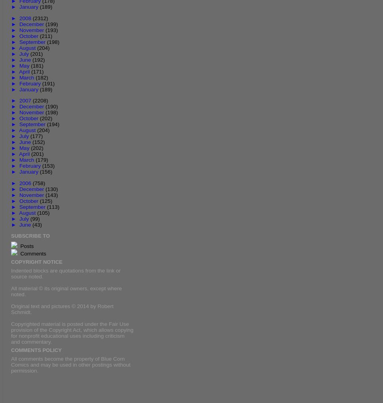 The height and width of the screenshot is (403, 383). What do you see at coordinates (59, 324) in the screenshot?
I see `'Copyrighted material is posted under the'` at bounding box center [59, 324].